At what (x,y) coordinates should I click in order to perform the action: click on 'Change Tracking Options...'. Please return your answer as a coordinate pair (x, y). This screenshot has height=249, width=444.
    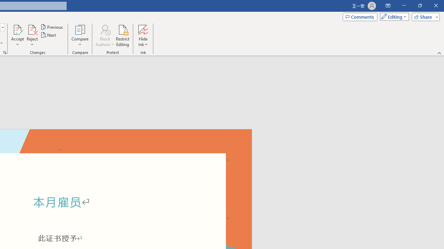
    Looking at the image, I should click on (5, 52).